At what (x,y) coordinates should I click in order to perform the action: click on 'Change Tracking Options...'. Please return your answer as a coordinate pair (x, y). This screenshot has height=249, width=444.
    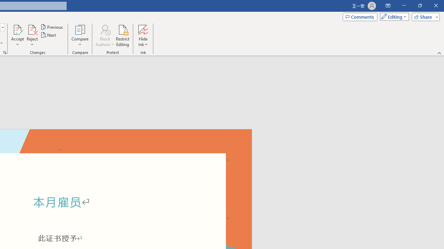
    Looking at the image, I should click on (5, 52).